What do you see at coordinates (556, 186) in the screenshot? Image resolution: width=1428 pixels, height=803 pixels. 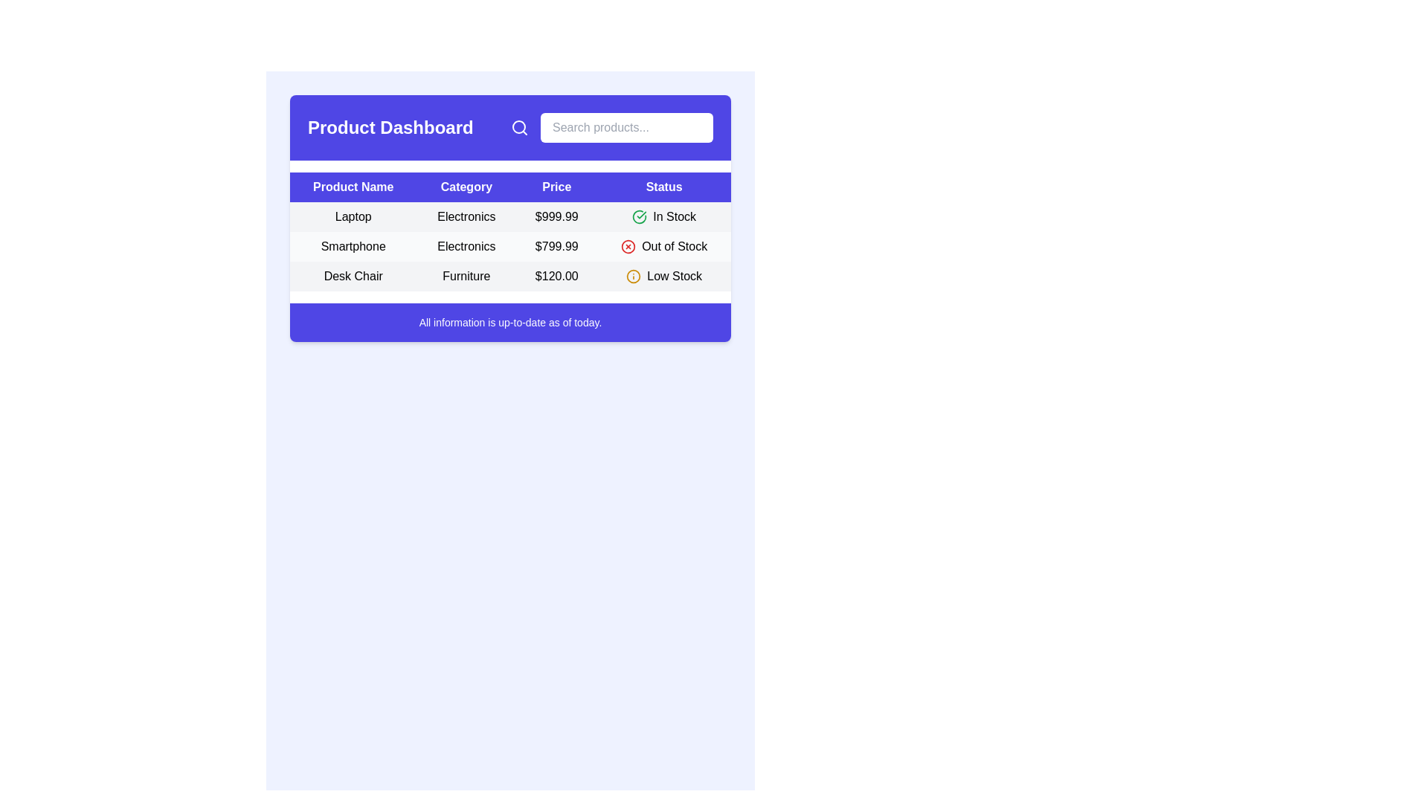 I see `the 'Price' column header in the table, which is the third label in a row of four headers ('Product Name', 'Category', 'Price', 'Status')` at bounding box center [556, 186].